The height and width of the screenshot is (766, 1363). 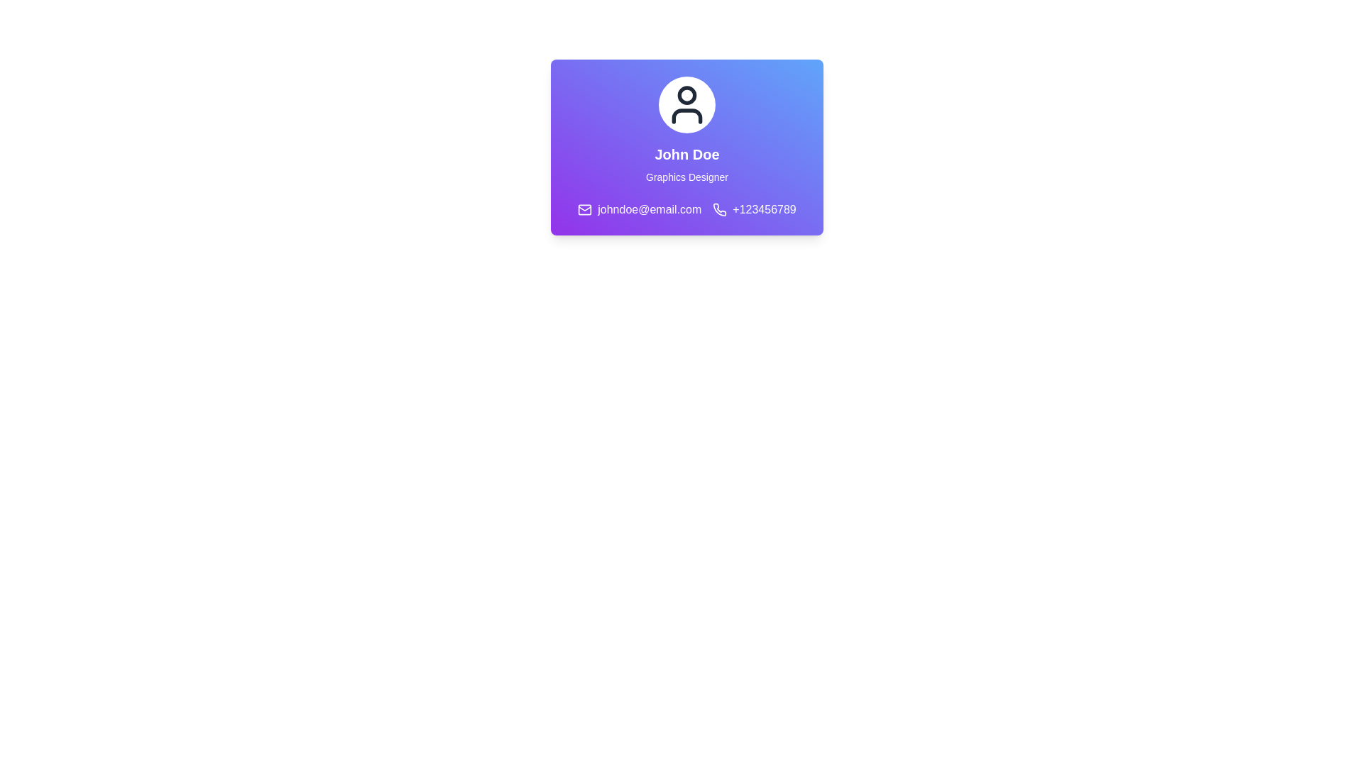 What do you see at coordinates (720, 209) in the screenshot?
I see `the phone icon located in the bottom right section of the card layout, positioned to the left of the phone number text element` at bounding box center [720, 209].